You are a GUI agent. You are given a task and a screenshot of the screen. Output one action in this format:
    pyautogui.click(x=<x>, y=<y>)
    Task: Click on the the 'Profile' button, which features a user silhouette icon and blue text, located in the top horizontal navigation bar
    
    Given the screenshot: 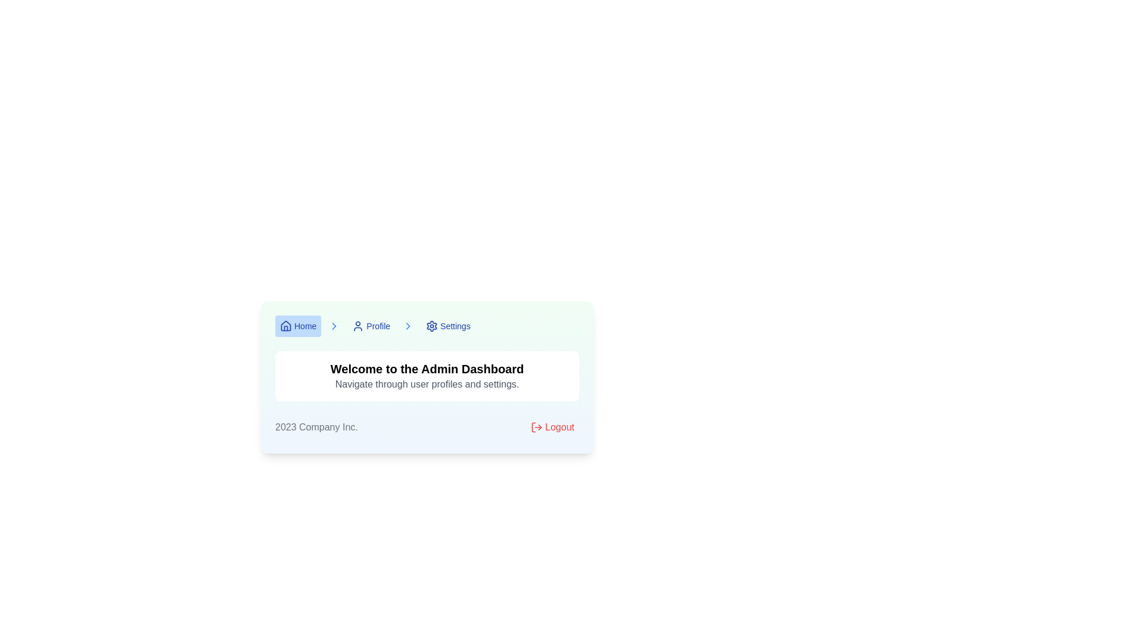 What is the action you would take?
    pyautogui.click(x=371, y=326)
    